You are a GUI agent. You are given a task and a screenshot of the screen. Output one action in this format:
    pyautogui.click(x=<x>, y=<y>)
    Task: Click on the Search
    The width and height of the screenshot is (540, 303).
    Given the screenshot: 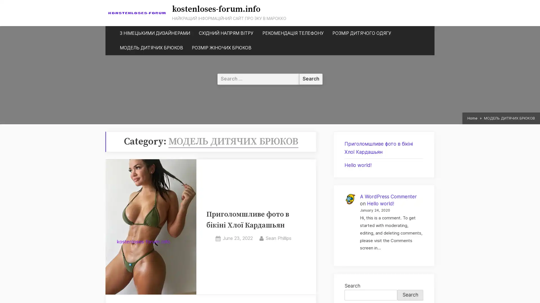 What is the action you would take?
    pyautogui.click(x=410, y=295)
    